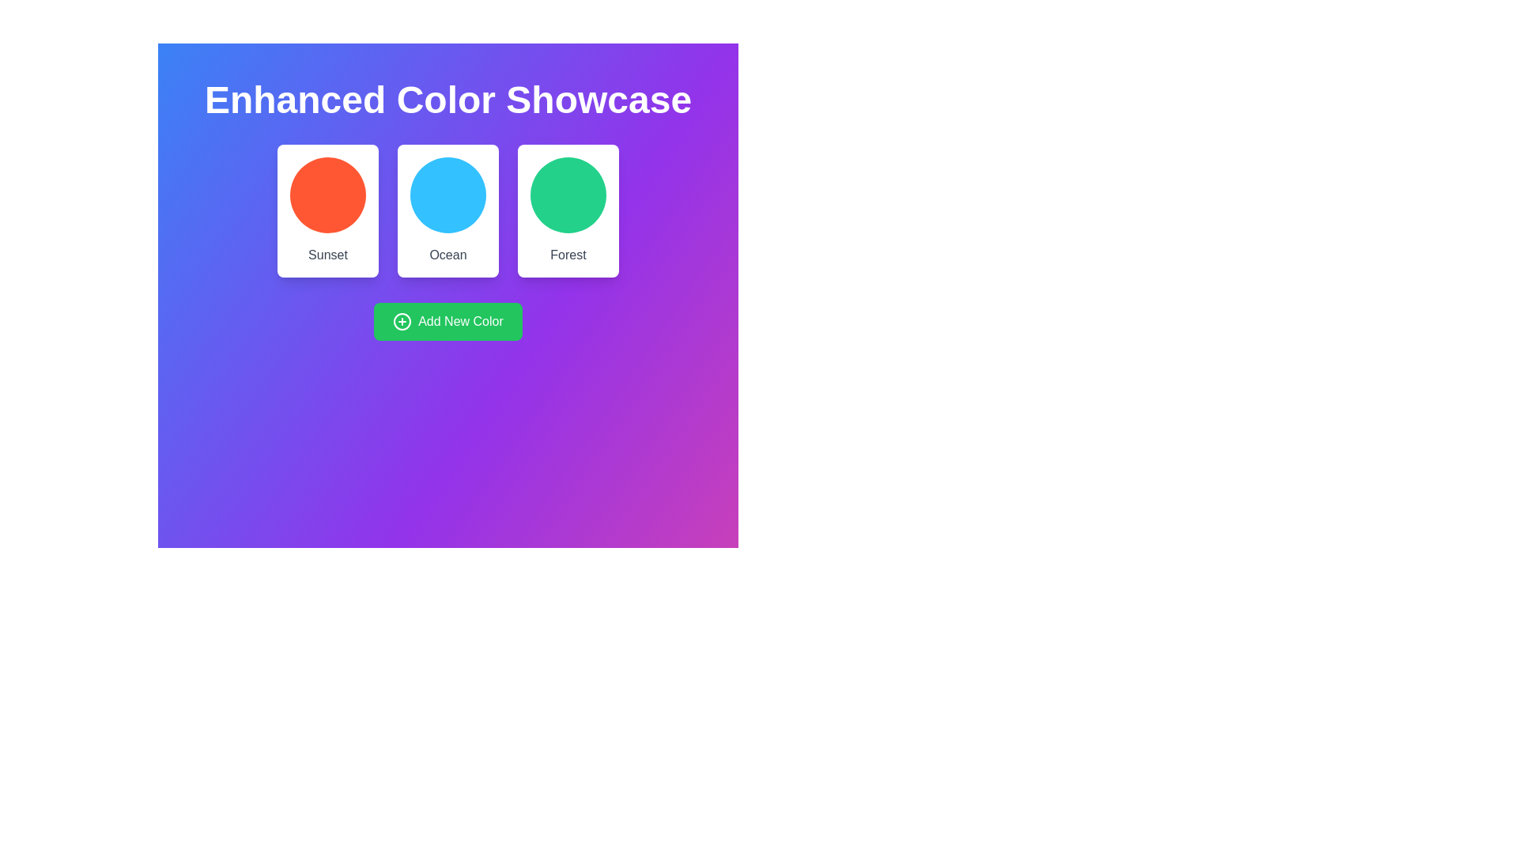 Image resolution: width=1518 pixels, height=854 pixels. I want to click on the 'Sunset' card, so click(327, 210).